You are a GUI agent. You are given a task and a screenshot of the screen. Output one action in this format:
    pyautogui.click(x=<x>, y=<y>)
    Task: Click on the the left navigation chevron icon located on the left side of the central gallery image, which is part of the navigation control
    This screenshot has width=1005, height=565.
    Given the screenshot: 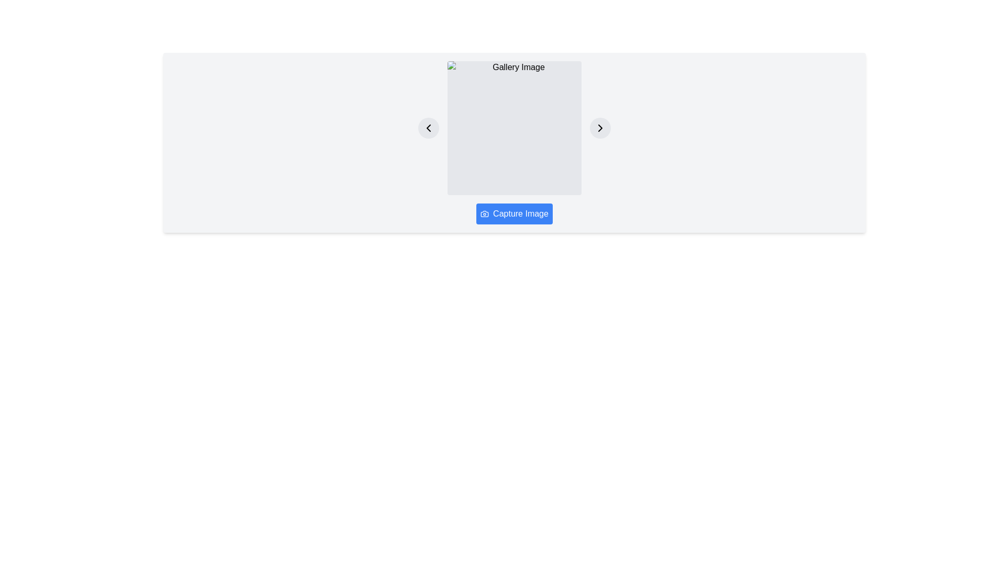 What is the action you would take?
    pyautogui.click(x=429, y=128)
    